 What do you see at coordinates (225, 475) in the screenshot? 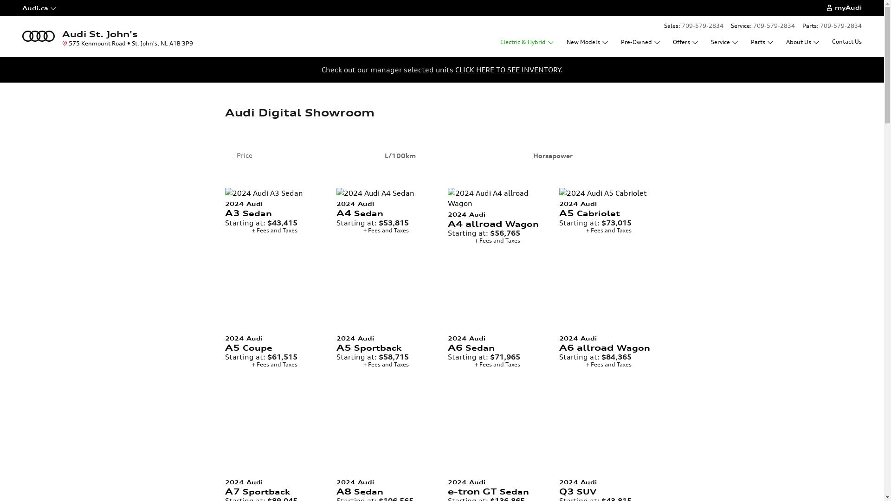
I see `'2024 Audi A7 Sportback '` at bounding box center [225, 475].